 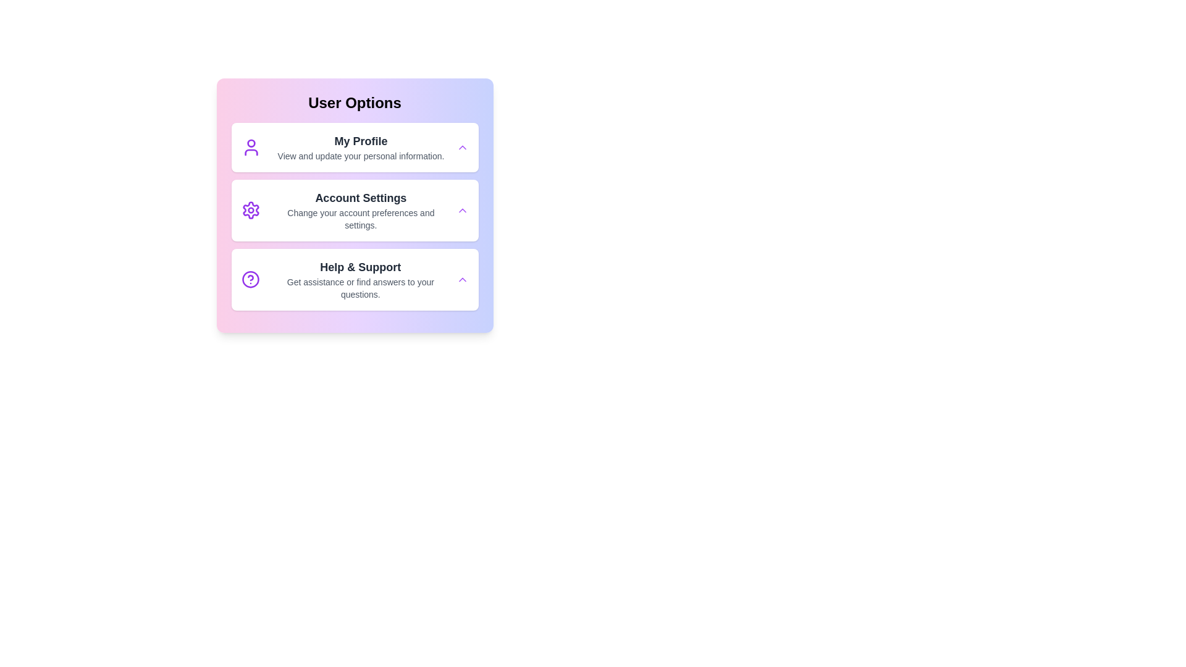 What do you see at coordinates (250, 209) in the screenshot?
I see `the icon associated with the list item Account Settings` at bounding box center [250, 209].